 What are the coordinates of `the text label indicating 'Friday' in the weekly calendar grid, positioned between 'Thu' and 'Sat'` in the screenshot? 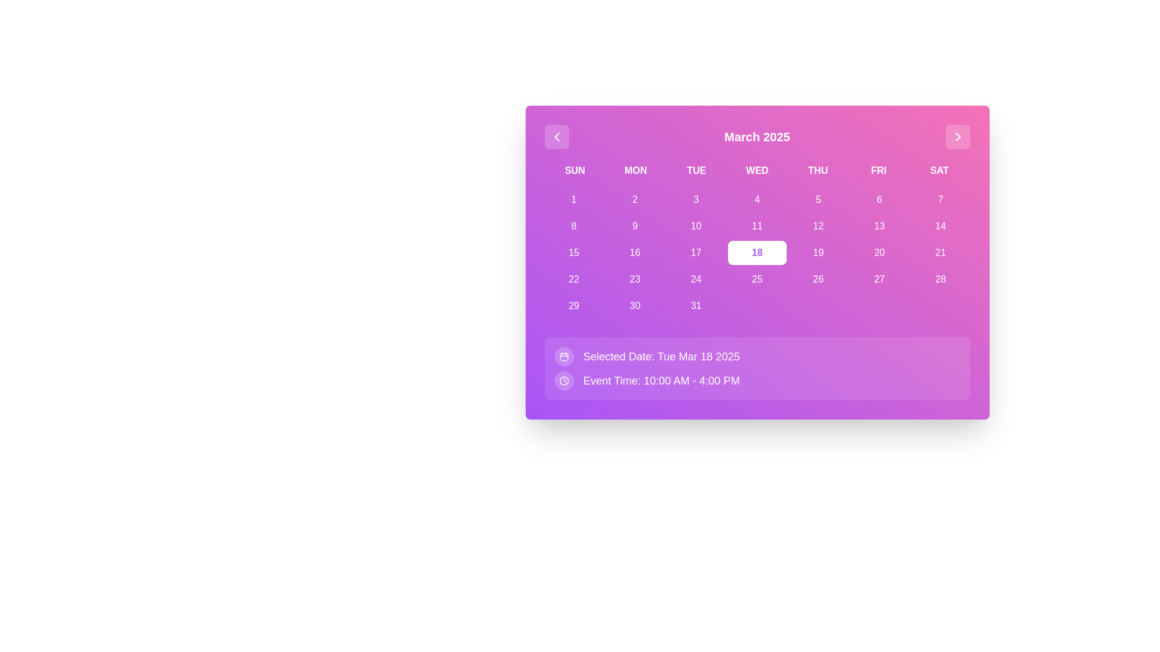 It's located at (878, 170).